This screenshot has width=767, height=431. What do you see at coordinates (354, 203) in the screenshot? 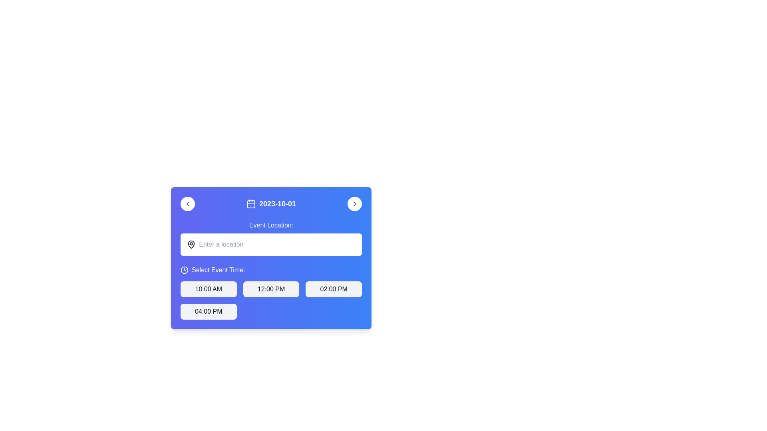
I see `the circular button with a white background and a gray chevron arrow pointing to the right, located in the blue header section to the right of the displayed date text ('2023-10-01')` at bounding box center [354, 203].